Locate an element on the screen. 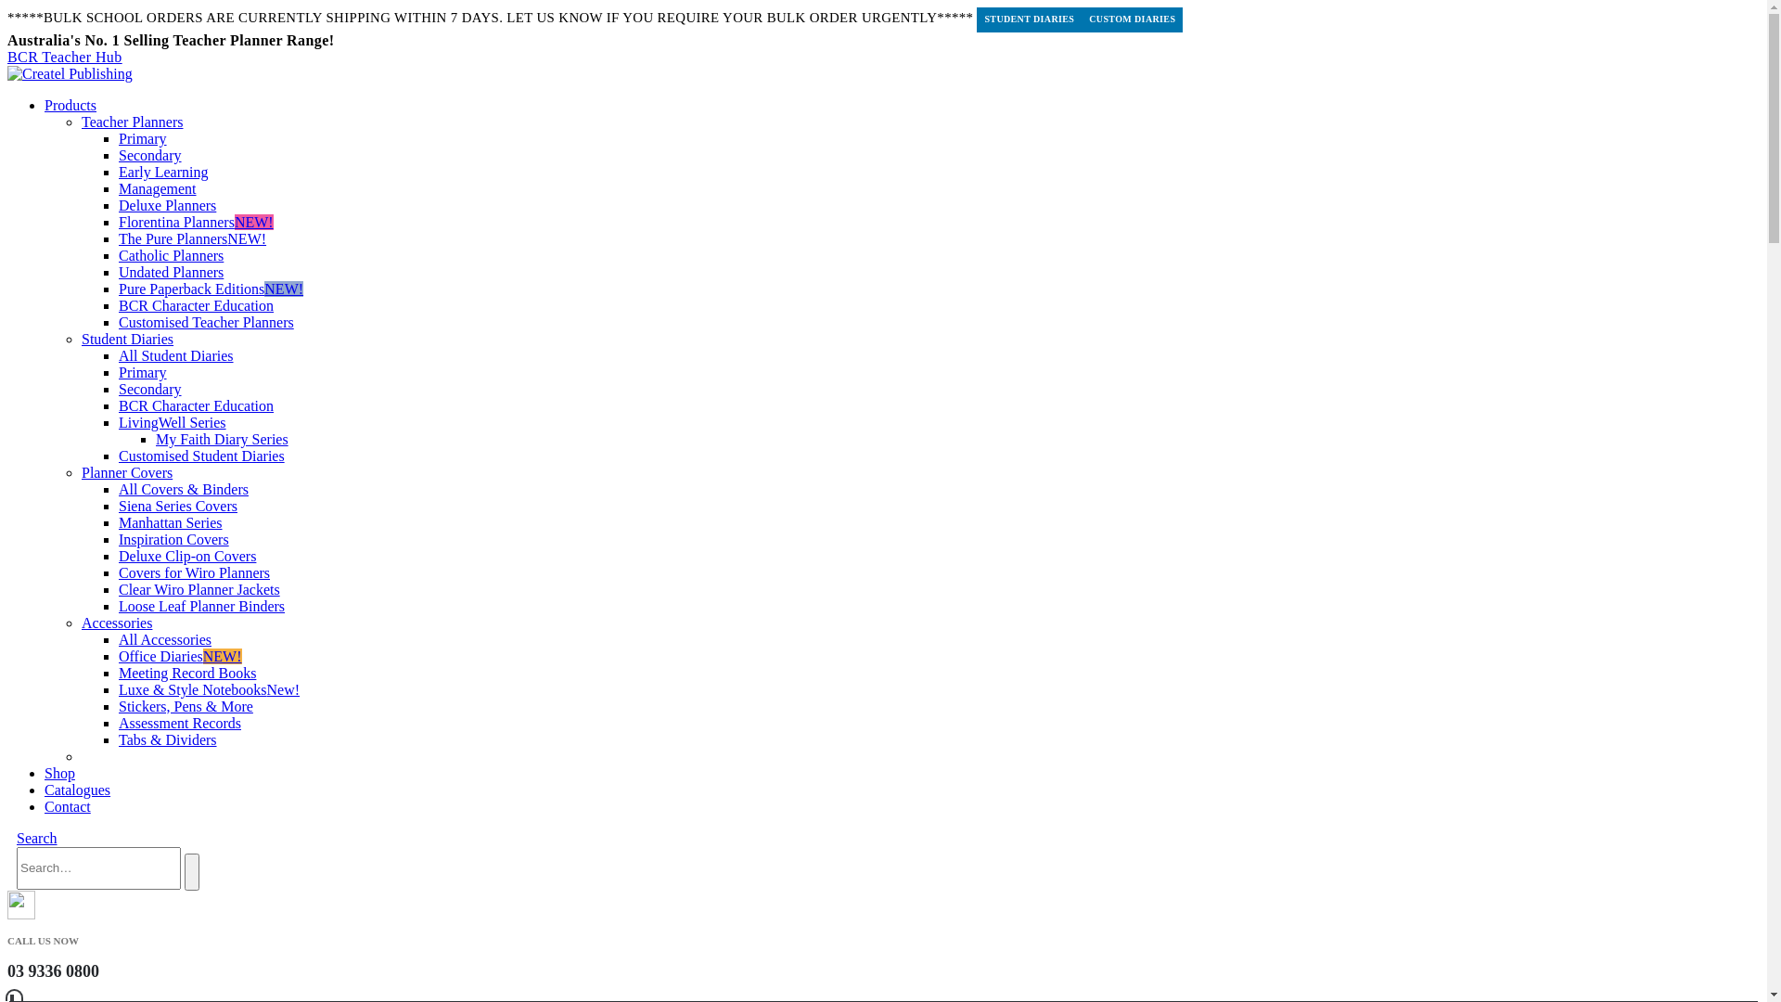 The width and height of the screenshot is (1781, 1002). 'Products' is located at coordinates (70, 105).